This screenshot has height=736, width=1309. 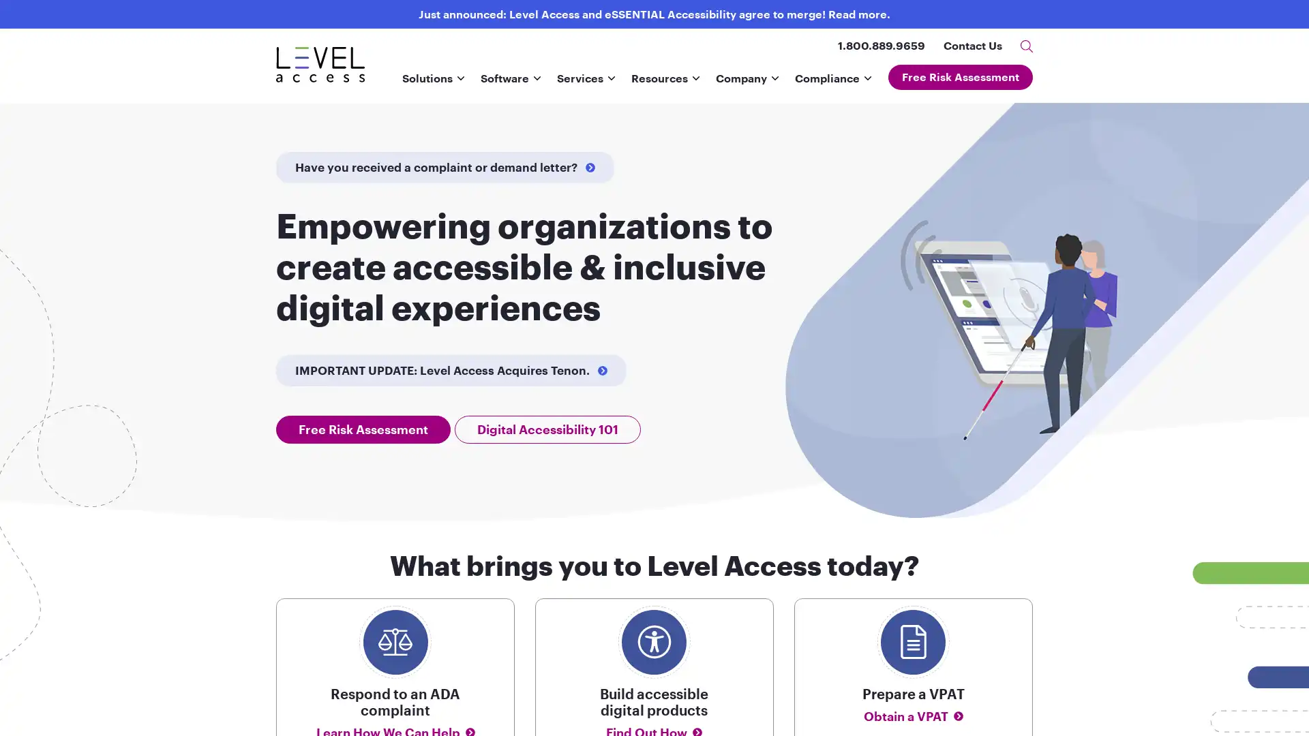 I want to click on Software, so click(x=509, y=83).